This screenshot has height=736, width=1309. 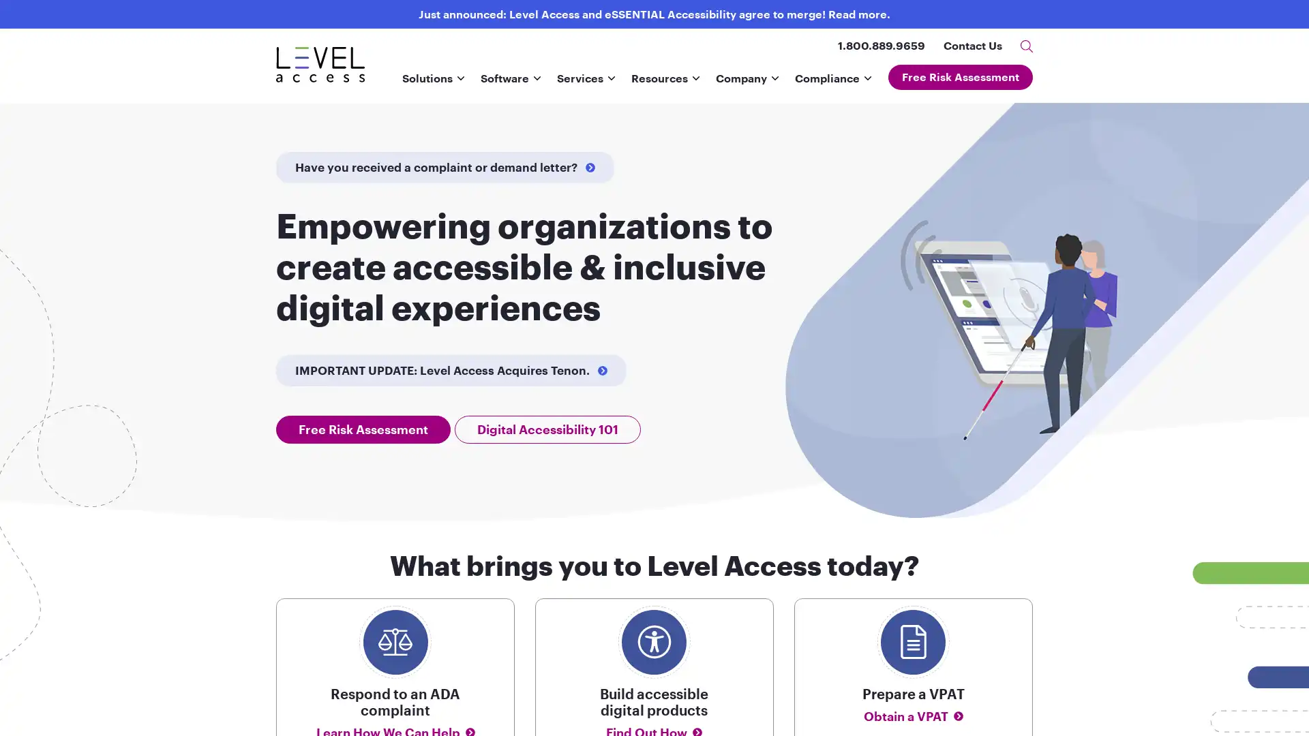 I want to click on Software, so click(x=509, y=83).